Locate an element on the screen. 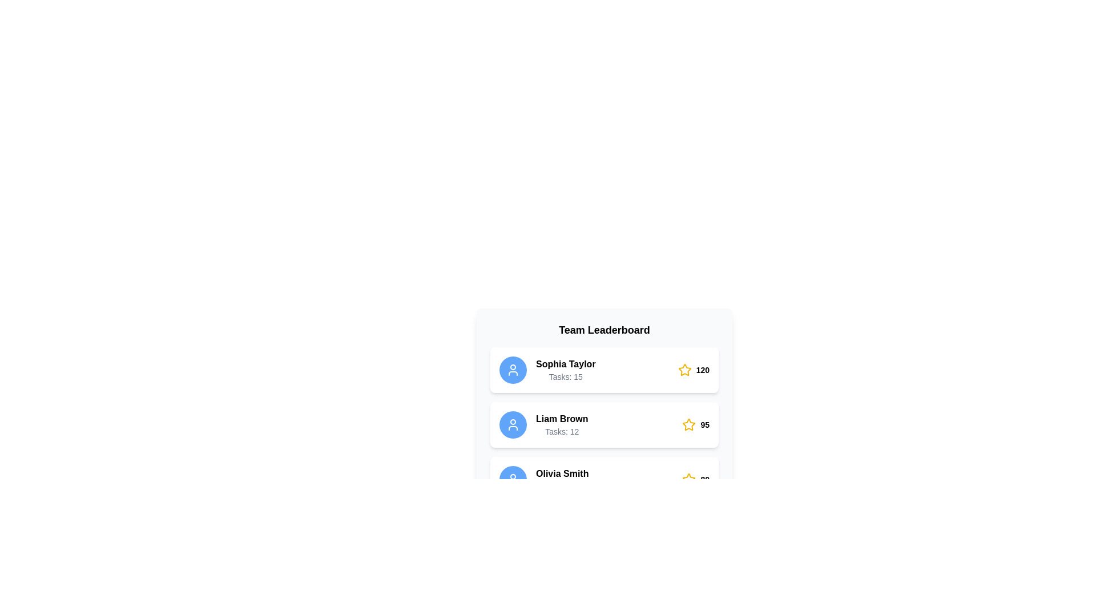  the bold textual number '120' located adjacent to the yellow star icon on the first leaderboard entry for 'Sophia Taylor' is located at coordinates (702, 370).